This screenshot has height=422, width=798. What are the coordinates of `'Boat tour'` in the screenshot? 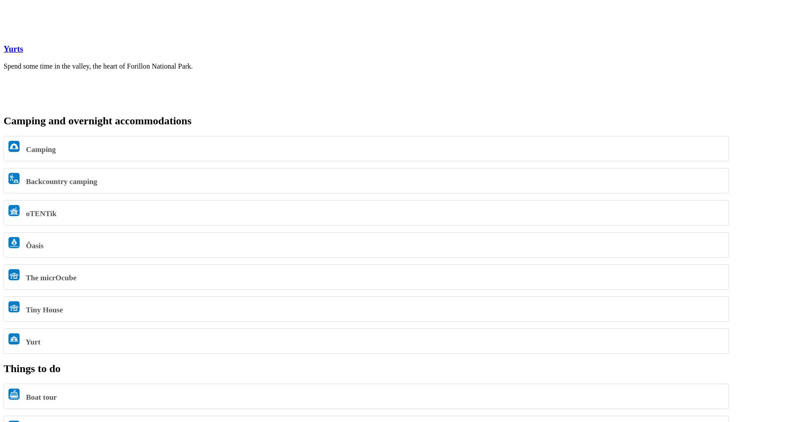 It's located at (40, 396).